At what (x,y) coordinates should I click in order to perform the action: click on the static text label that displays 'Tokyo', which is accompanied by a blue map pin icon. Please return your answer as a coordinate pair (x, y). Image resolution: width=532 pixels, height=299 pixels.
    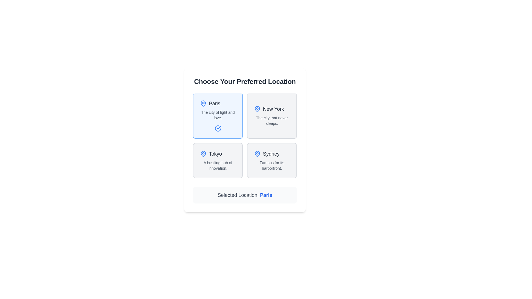
    Looking at the image, I should click on (218, 154).